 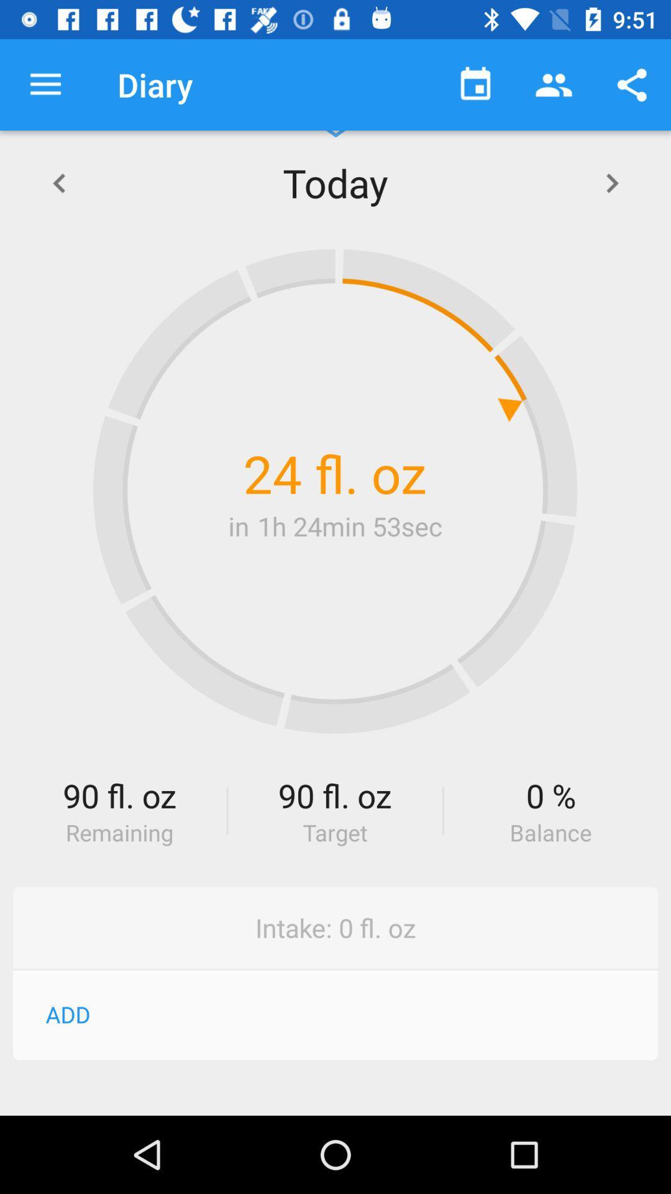 I want to click on item to the left of the today item, so click(x=58, y=182).